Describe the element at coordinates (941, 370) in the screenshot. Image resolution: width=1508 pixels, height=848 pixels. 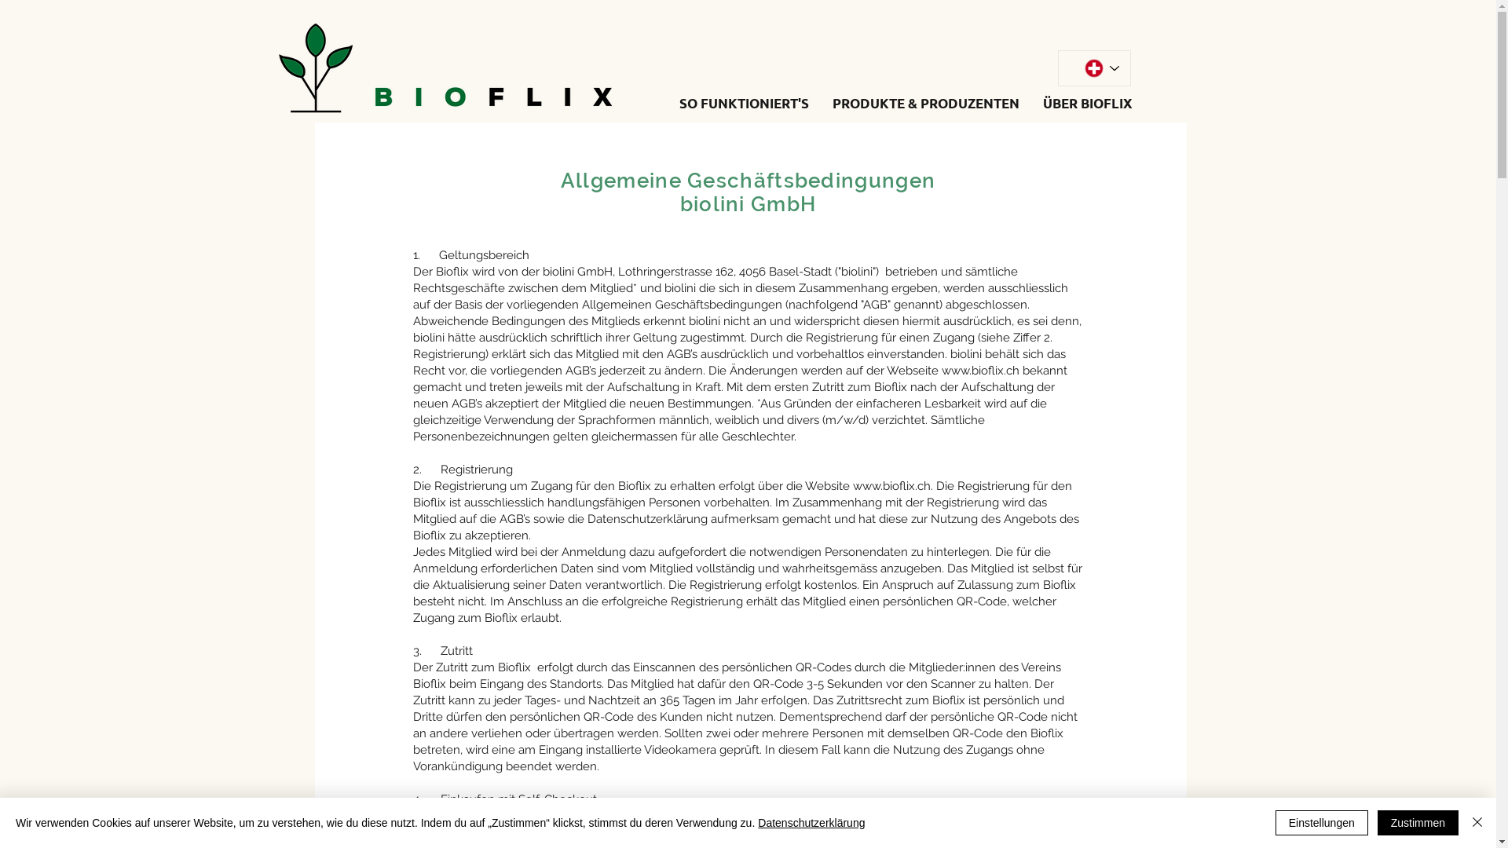
I see `'www.bioflix.ch'` at that location.